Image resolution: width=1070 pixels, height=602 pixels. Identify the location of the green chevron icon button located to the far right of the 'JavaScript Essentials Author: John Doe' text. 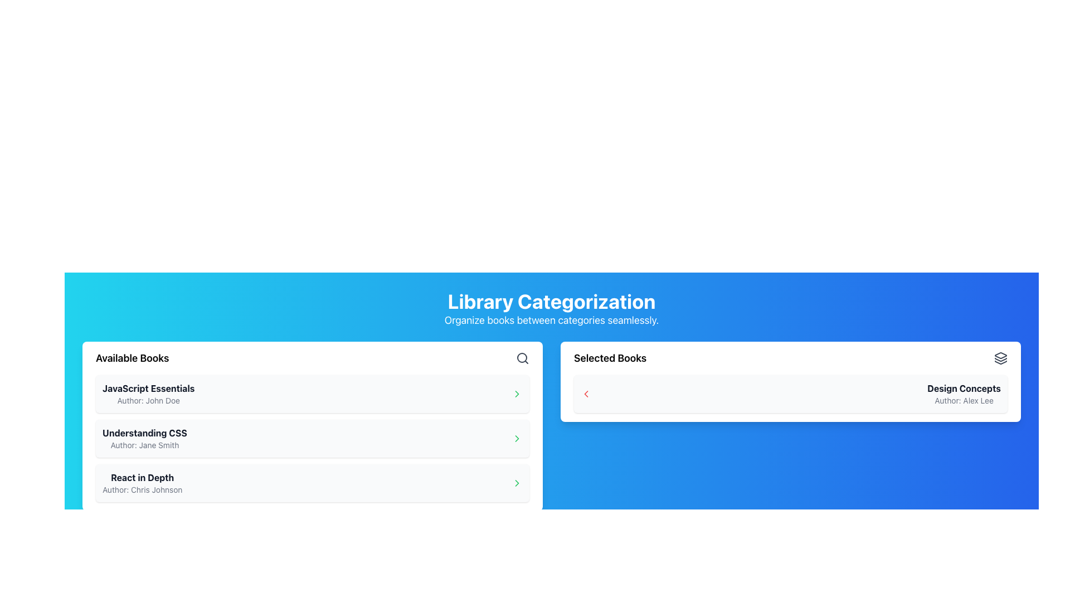
(516, 393).